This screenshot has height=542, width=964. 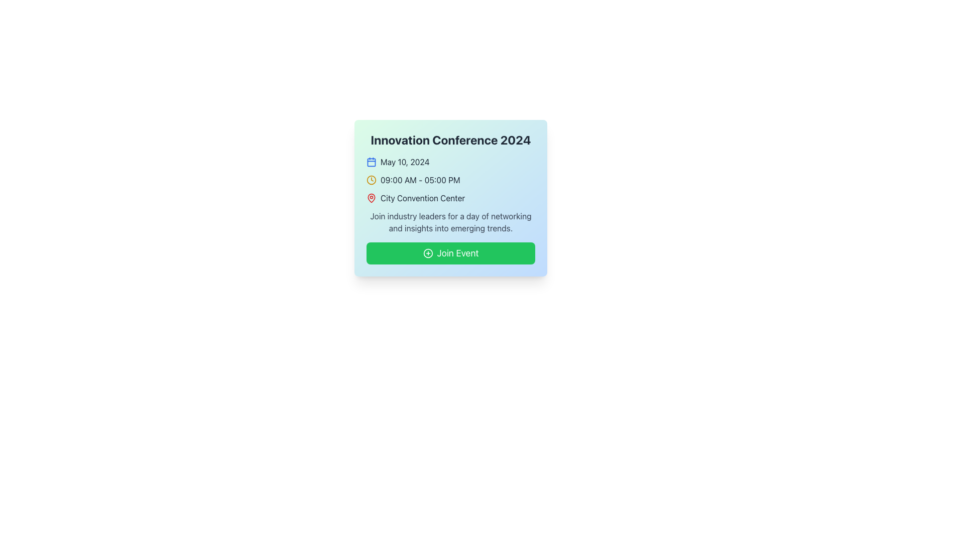 I want to click on the small circular green icon with a plus sign located on the left side of the 'Join Event' button, so click(x=427, y=253).